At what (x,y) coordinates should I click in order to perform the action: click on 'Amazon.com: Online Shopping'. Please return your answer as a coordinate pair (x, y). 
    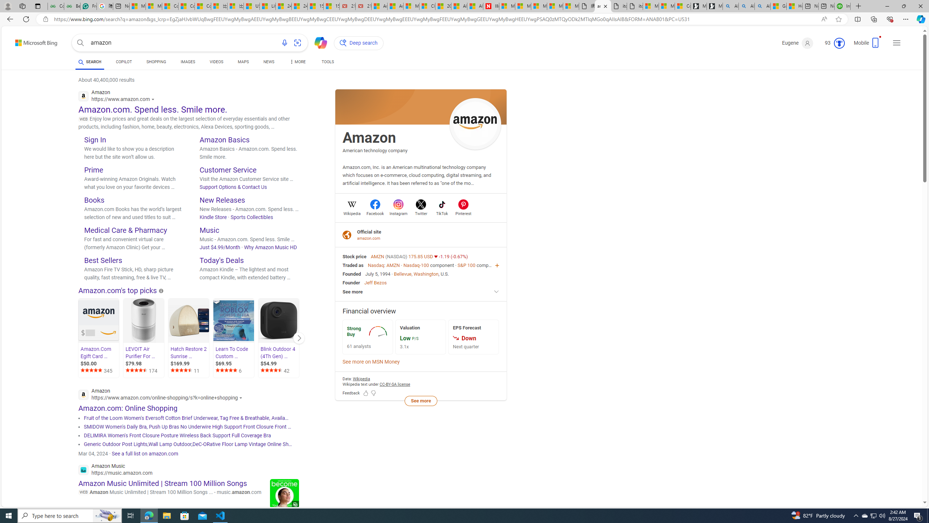
    Looking at the image, I should click on (127, 408).